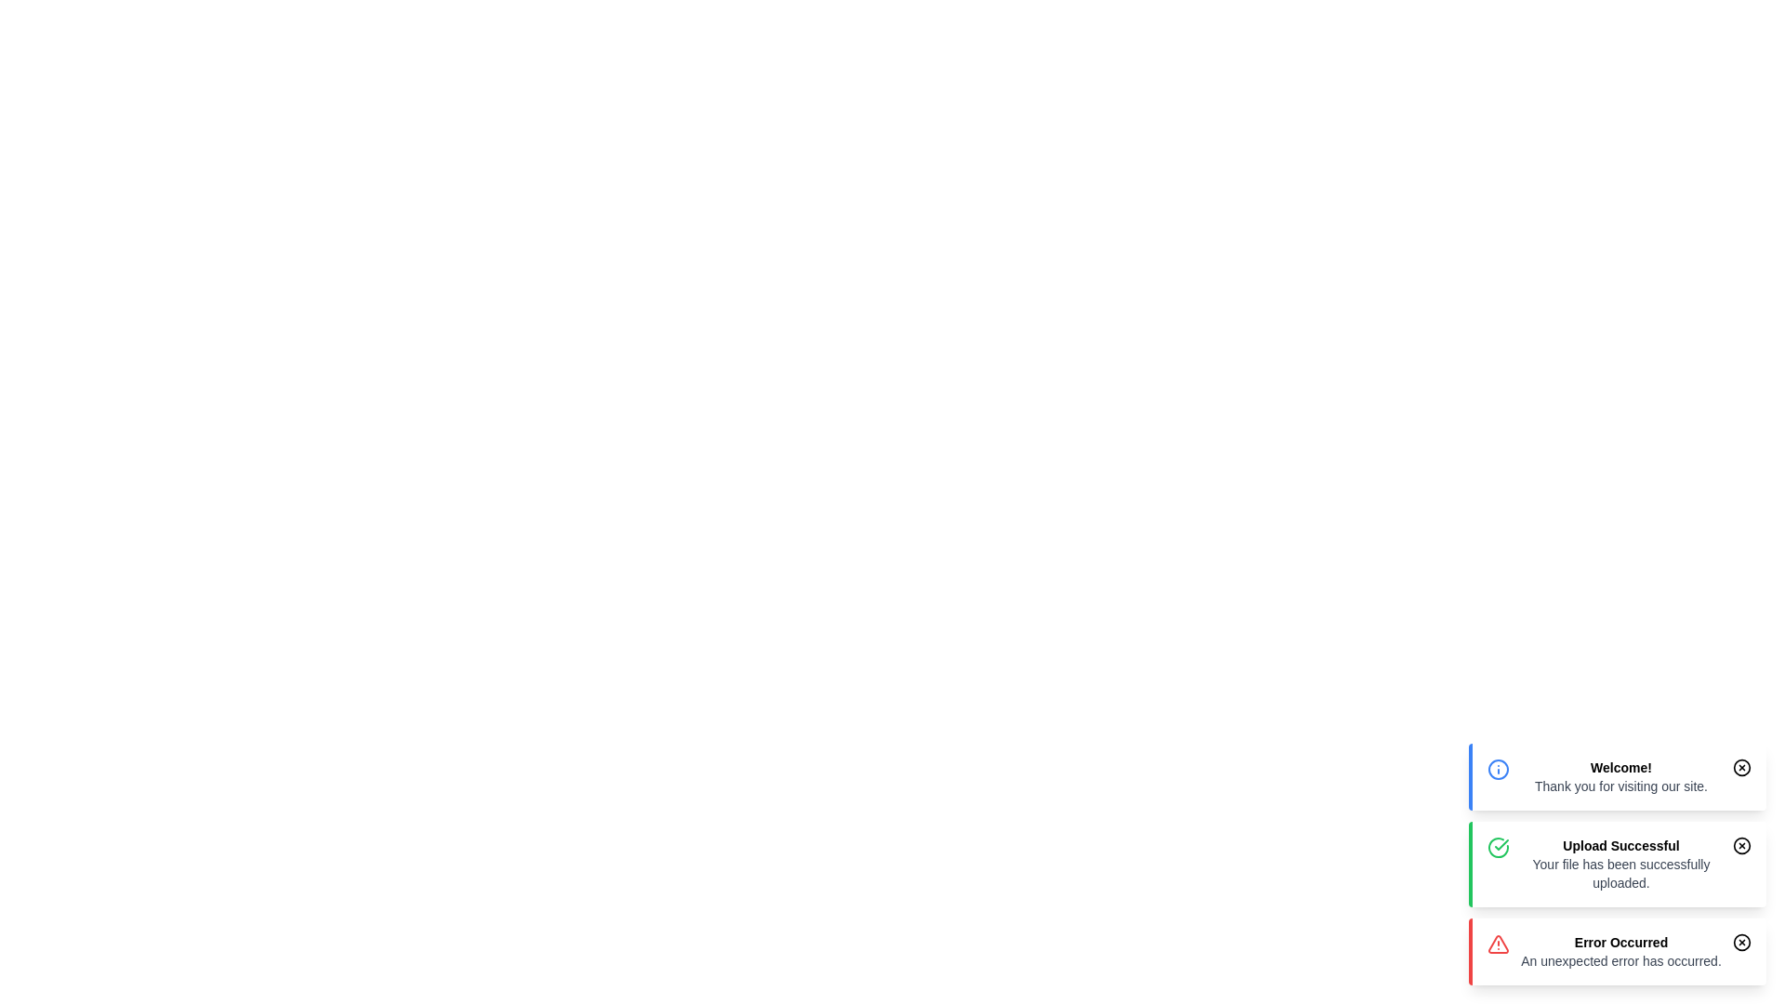 The width and height of the screenshot is (1785, 1004). What do you see at coordinates (1620, 777) in the screenshot?
I see `greeting message displayed in the text block which says 'Welcome!' in bold and 'Thank you for visiting our site.' in smaller, grayish text` at bounding box center [1620, 777].